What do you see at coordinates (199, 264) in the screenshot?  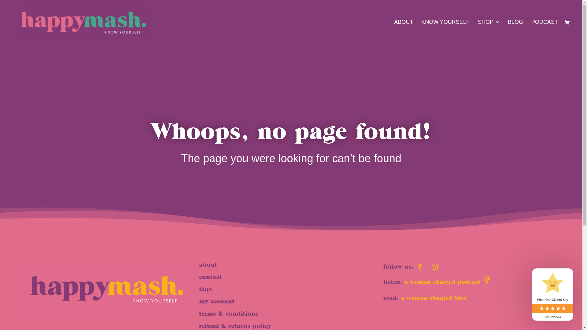 I see `'about'` at bounding box center [199, 264].